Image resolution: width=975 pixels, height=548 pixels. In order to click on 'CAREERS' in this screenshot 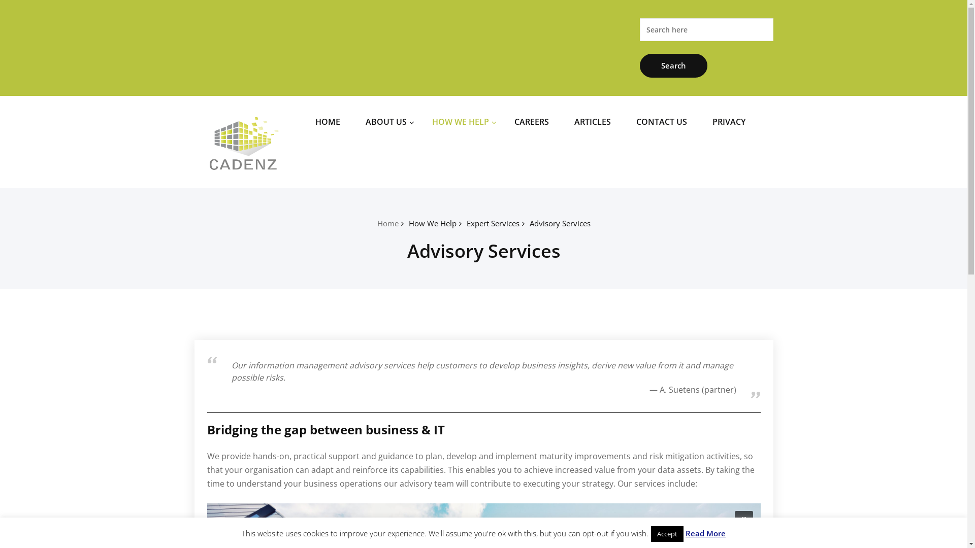, I will do `click(531, 121)`.